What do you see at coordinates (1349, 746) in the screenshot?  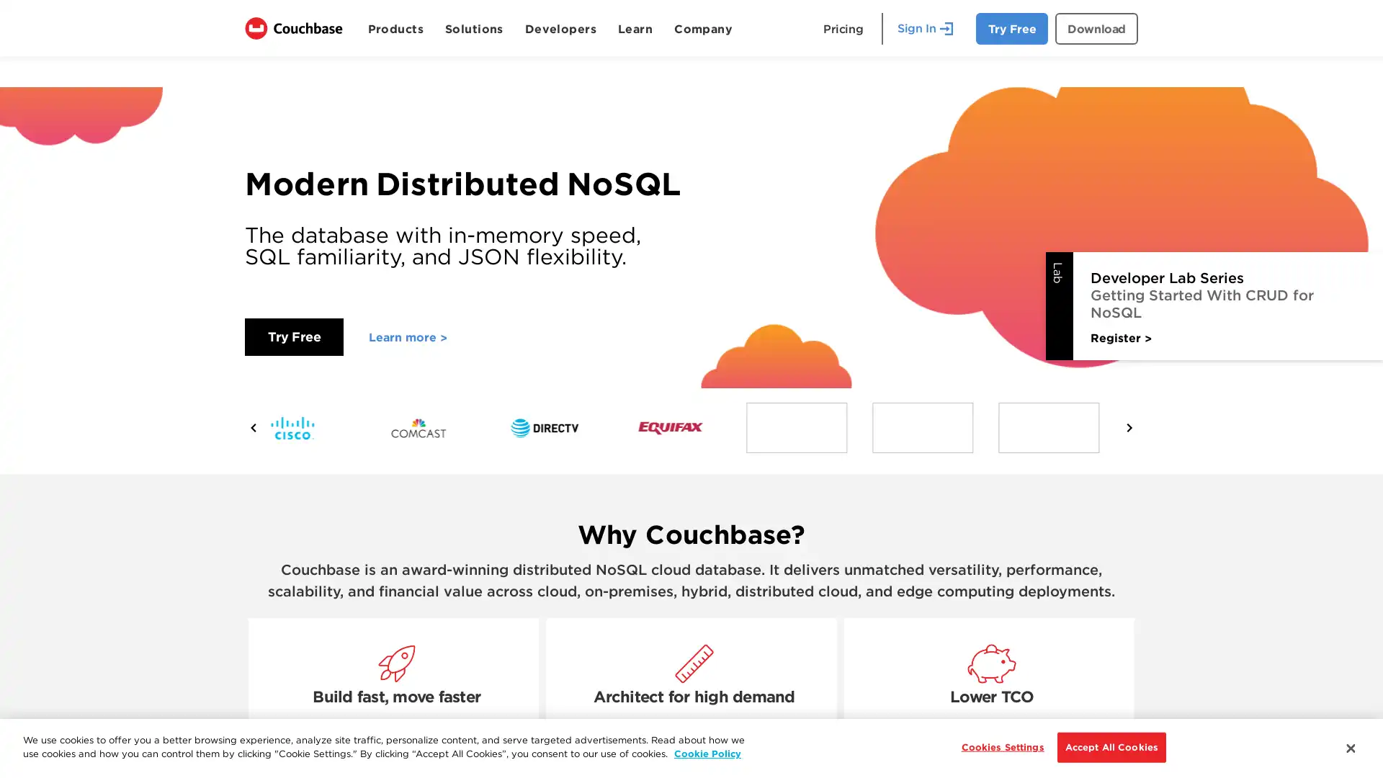 I see `Close` at bounding box center [1349, 746].